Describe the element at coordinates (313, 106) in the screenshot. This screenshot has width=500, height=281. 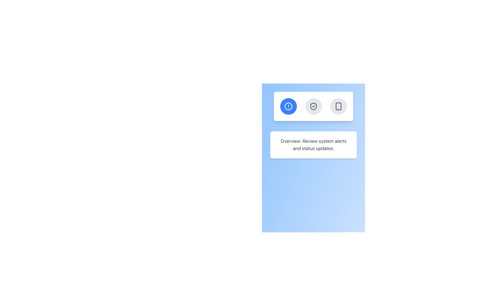
I see `the shield icon with a checkmark that indicates a security or verification feature, located in the middle of a horizontal row of three circular buttons` at that location.